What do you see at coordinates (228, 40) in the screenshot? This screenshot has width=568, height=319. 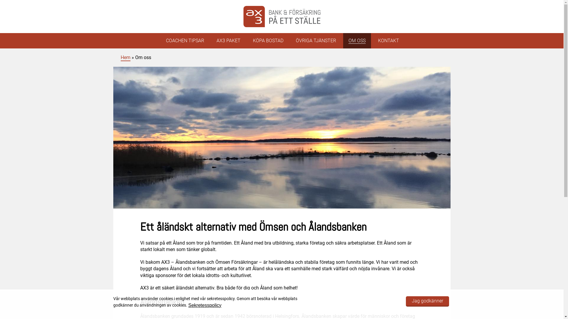 I see `'AX3 PAKET'` at bounding box center [228, 40].